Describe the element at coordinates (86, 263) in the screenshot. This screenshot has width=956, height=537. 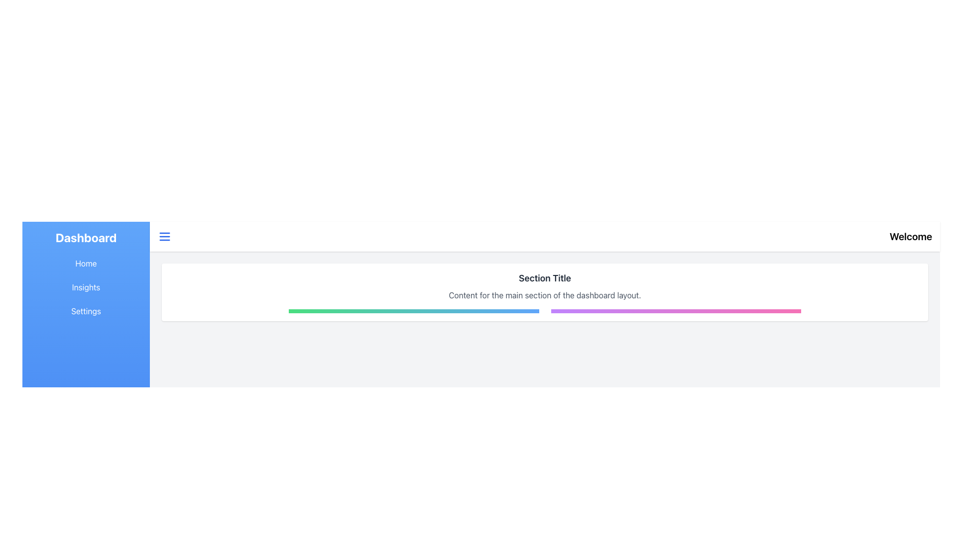
I see `the navigation button located under the 'Dashboard' header in the sidebar` at that location.